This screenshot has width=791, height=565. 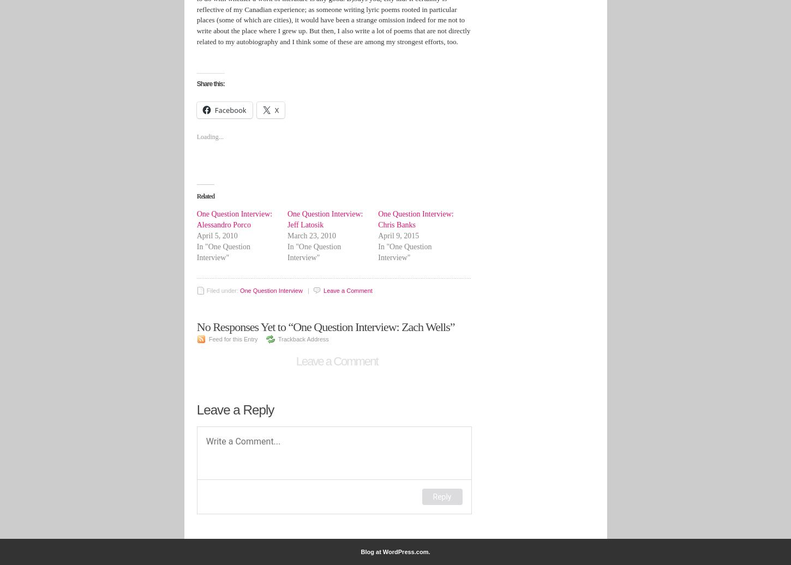 What do you see at coordinates (209, 136) in the screenshot?
I see `'Loading...'` at bounding box center [209, 136].